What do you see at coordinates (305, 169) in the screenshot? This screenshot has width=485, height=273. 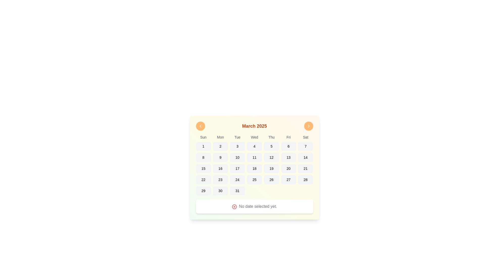 I see `the calendar button representing the date '21' located` at bounding box center [305, 169].